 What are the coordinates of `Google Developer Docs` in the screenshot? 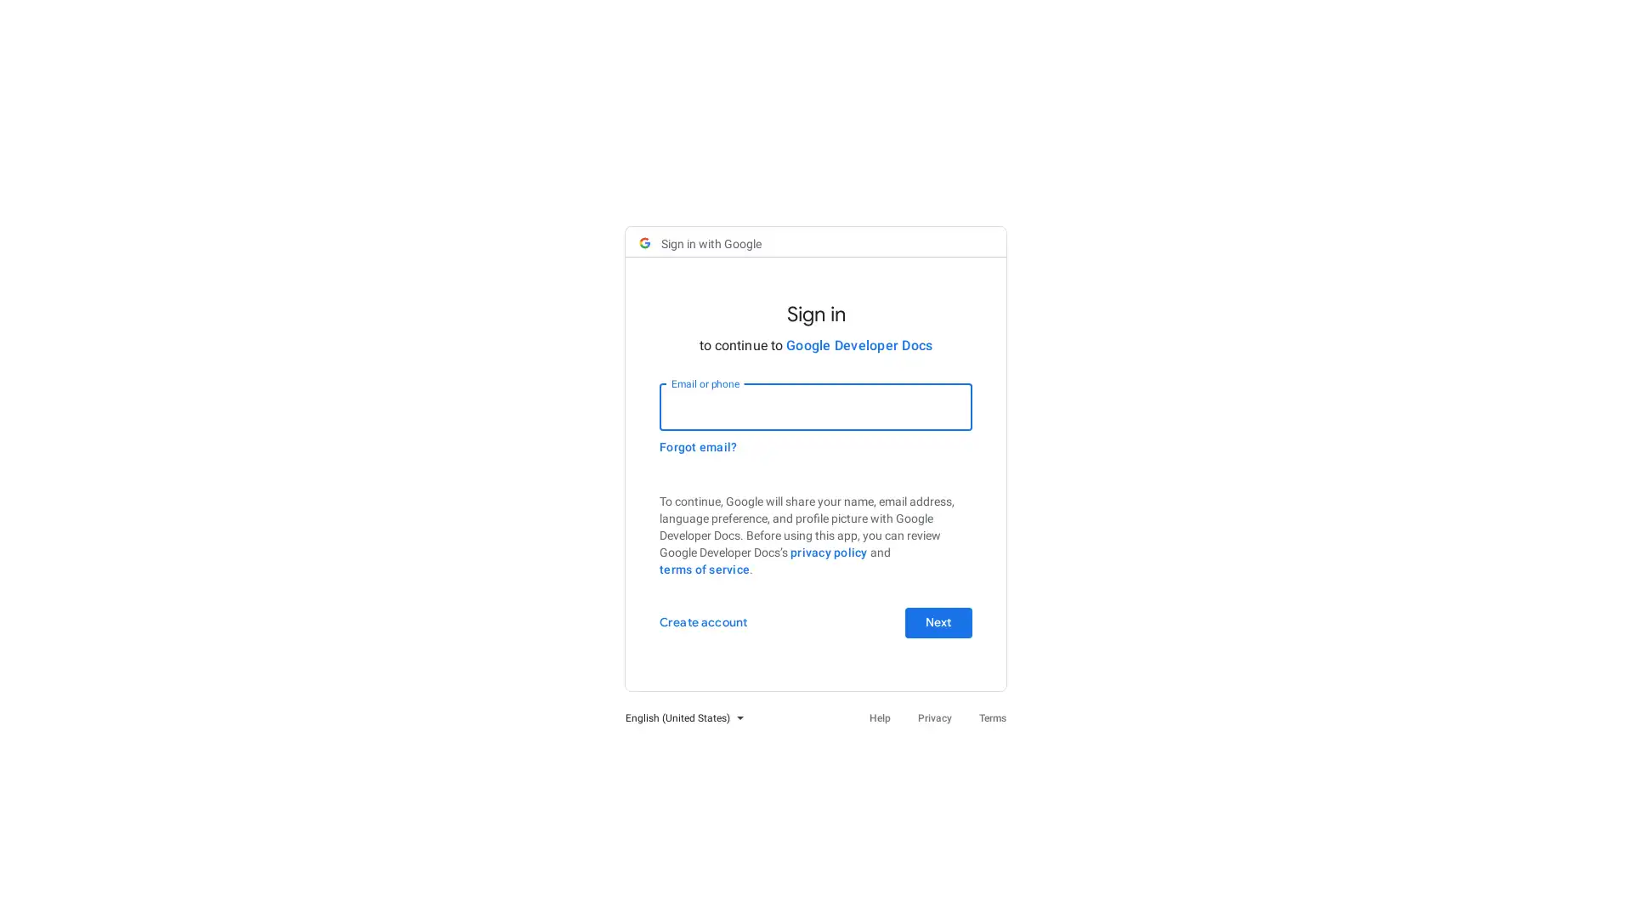 It's located at (859, 344).